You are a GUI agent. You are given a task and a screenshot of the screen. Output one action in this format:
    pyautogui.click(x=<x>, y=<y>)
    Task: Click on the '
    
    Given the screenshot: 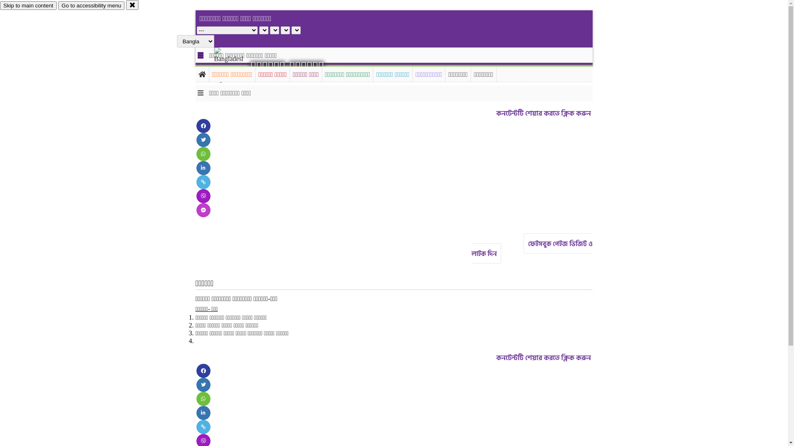 What is the action you would take?
    pyautogui.click(x=235, y=65)
    